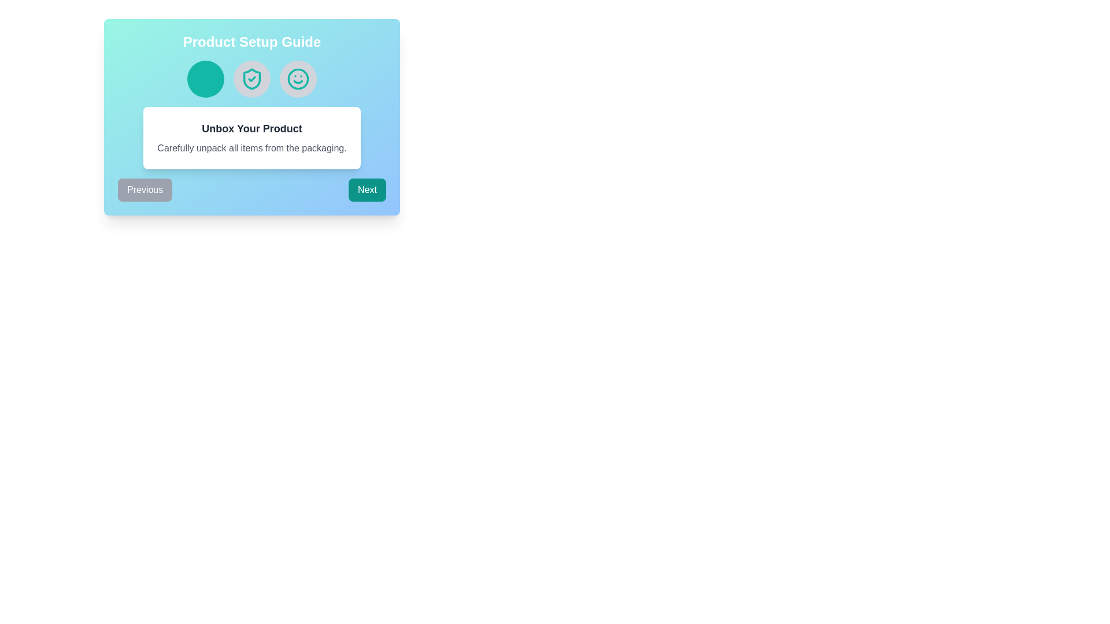 Image resolution: width=1110 pixels, height=624 pixels. What do you see at coordinates (251, 148) in the screenshot?
I see `the descriptive text that reads 'Carefully unpack all items from the packaging.' which is located beneath the title 'Unbox Your Product'` at bounding box center [251, 148].